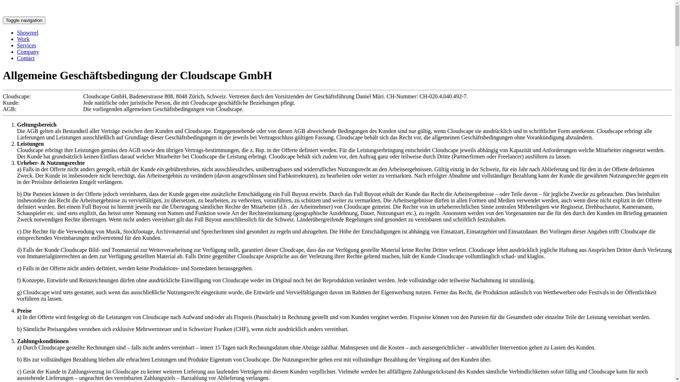  I want to click on 'Work', so click(17, 39).